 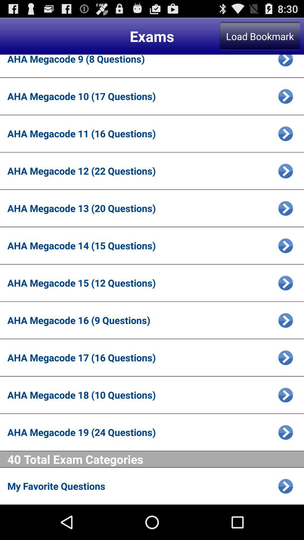 What do you see at coordinates (285, 170) in the screenshot?
I see `open that link` at bounding box center [285, 170].